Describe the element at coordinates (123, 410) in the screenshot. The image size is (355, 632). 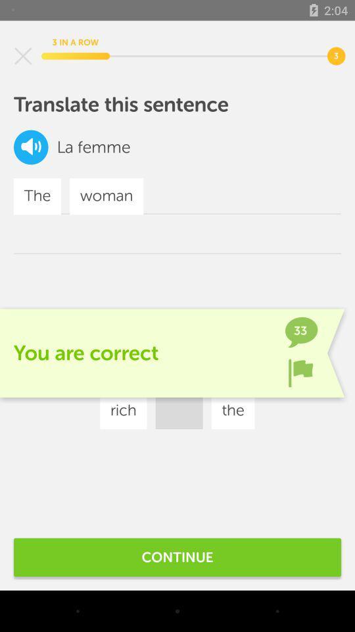
I see `rich` at that location.